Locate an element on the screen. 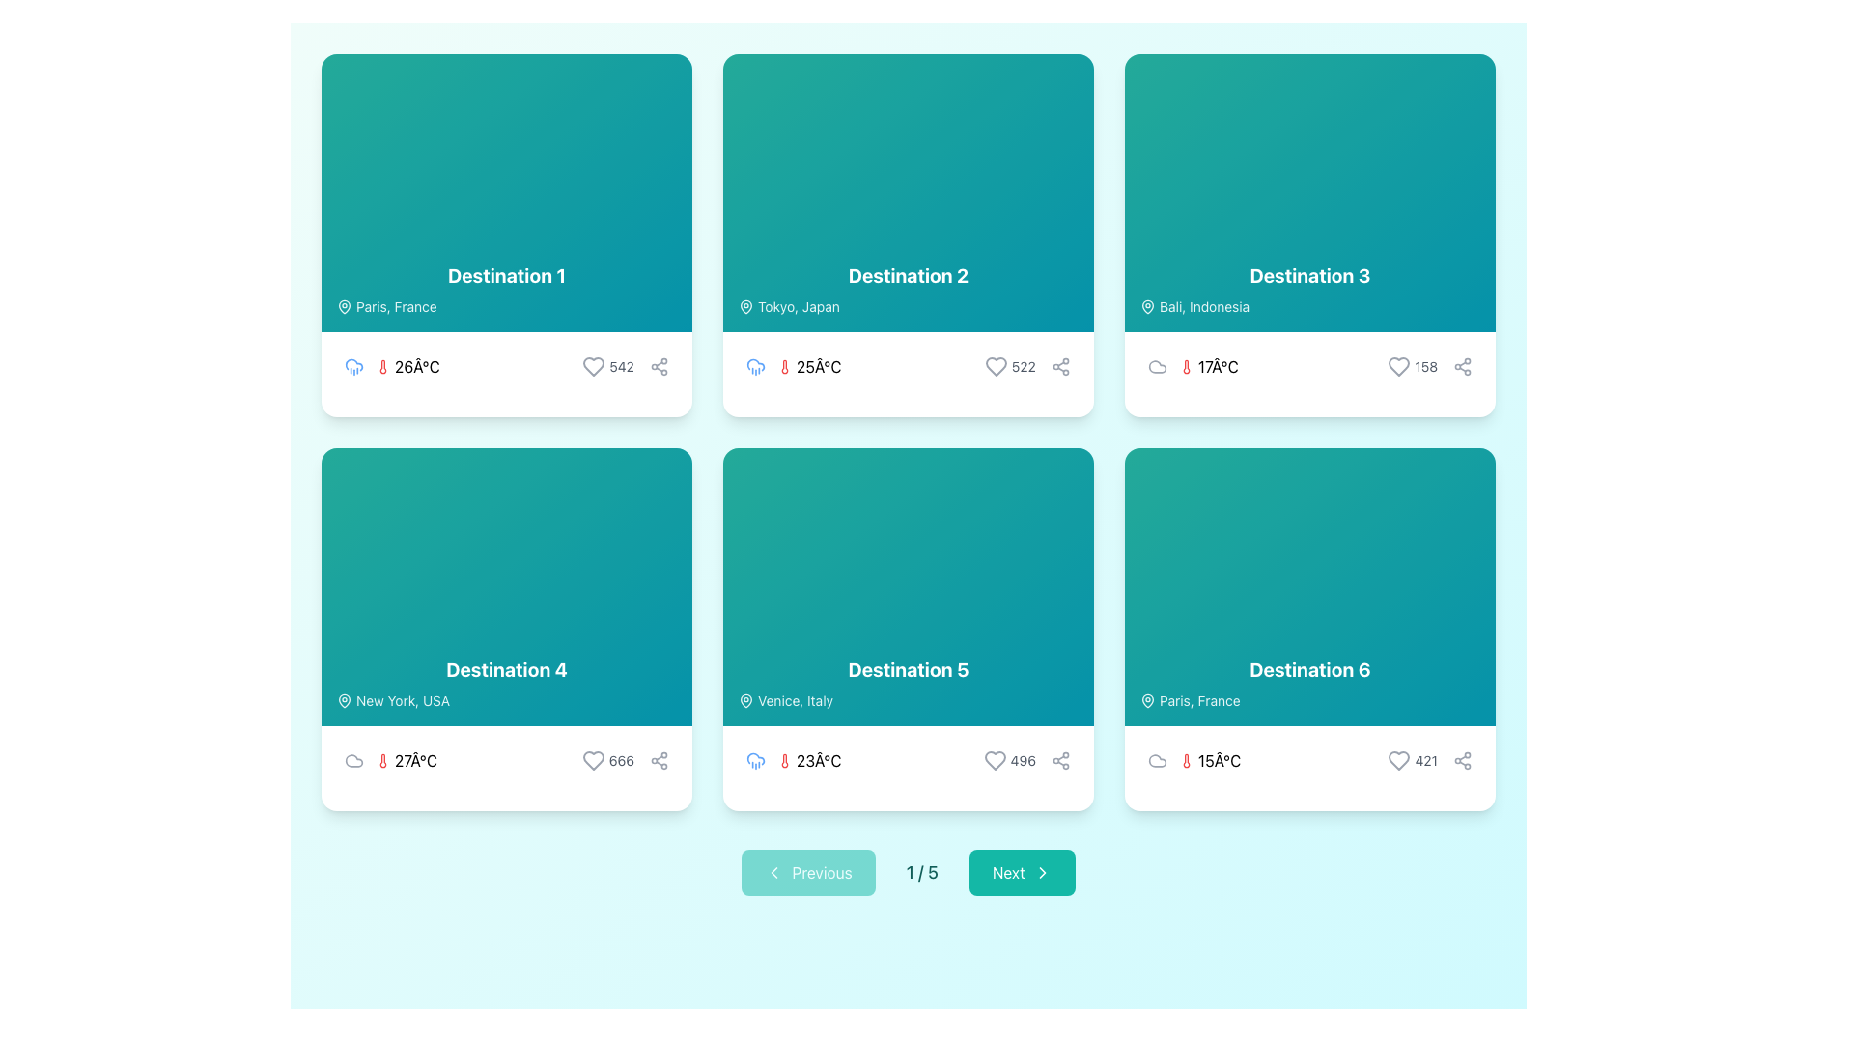  the map pin icon located in the top-left card titled 'Destination 1' is located at coordinates (344, 304).